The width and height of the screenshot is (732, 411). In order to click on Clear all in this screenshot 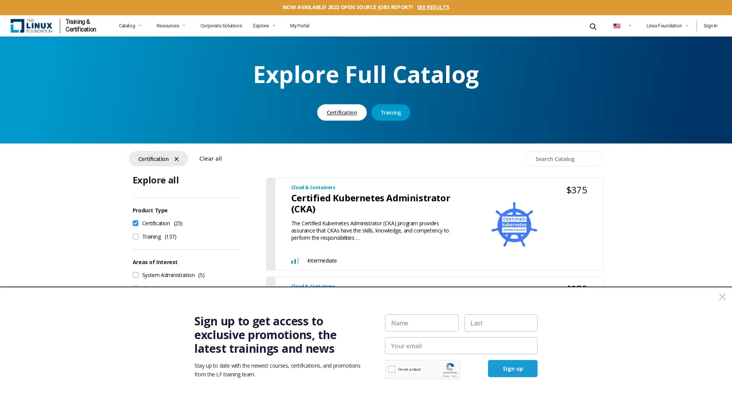, I will do `click(210, 158)`.